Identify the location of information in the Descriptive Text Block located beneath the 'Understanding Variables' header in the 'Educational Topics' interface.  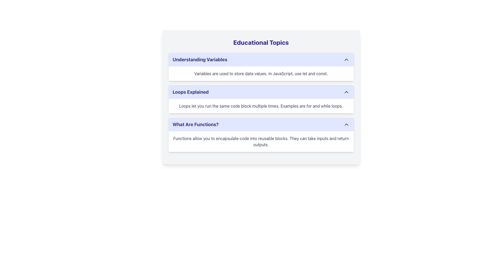
(261, 73).